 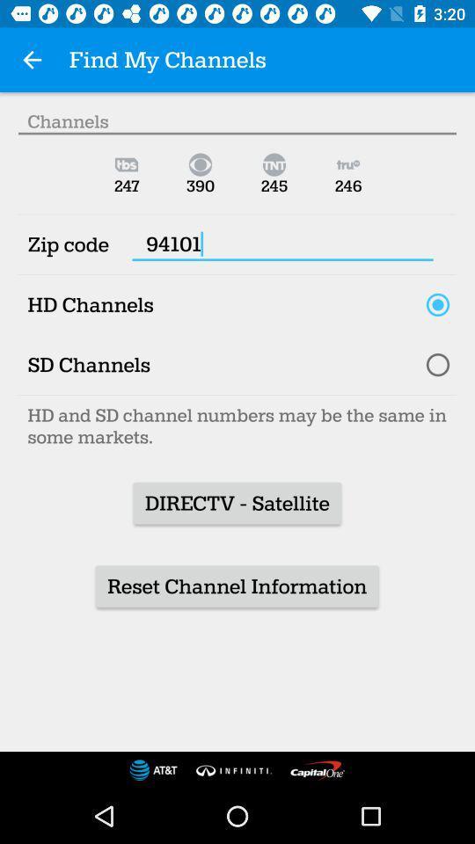 What do you see at coordinates (436, 364) in the screenshot?
I see `sd channels` at bounding box center [436, 364].